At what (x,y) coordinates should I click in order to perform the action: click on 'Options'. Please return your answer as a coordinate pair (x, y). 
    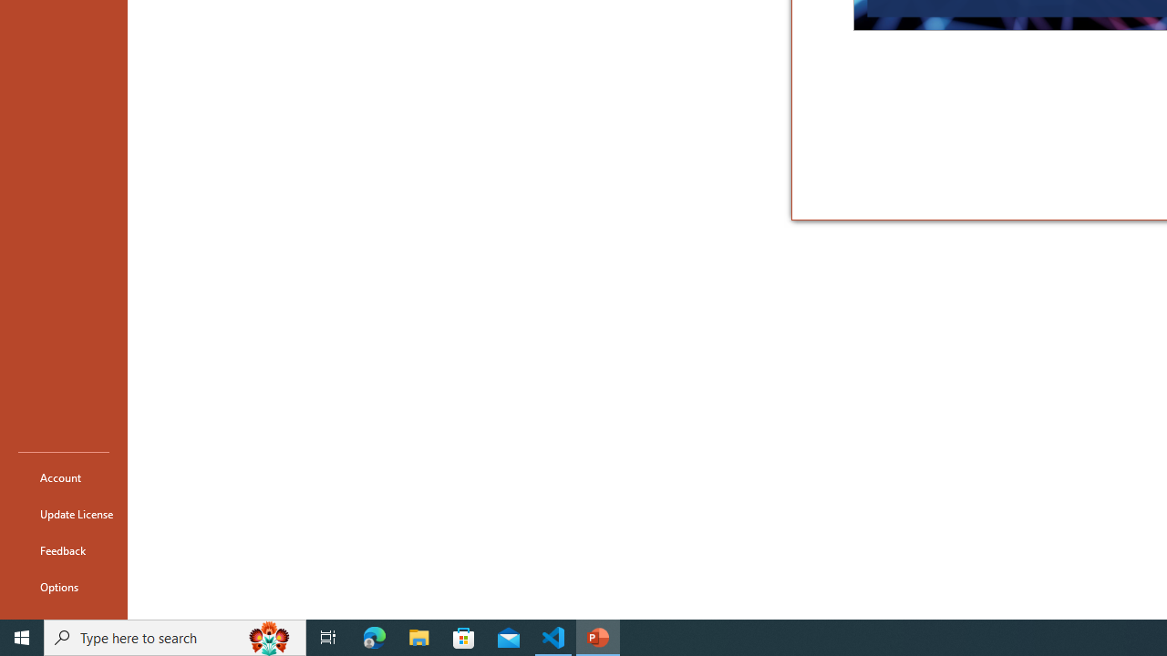
    Looking at the image, I should click on (63, 587).